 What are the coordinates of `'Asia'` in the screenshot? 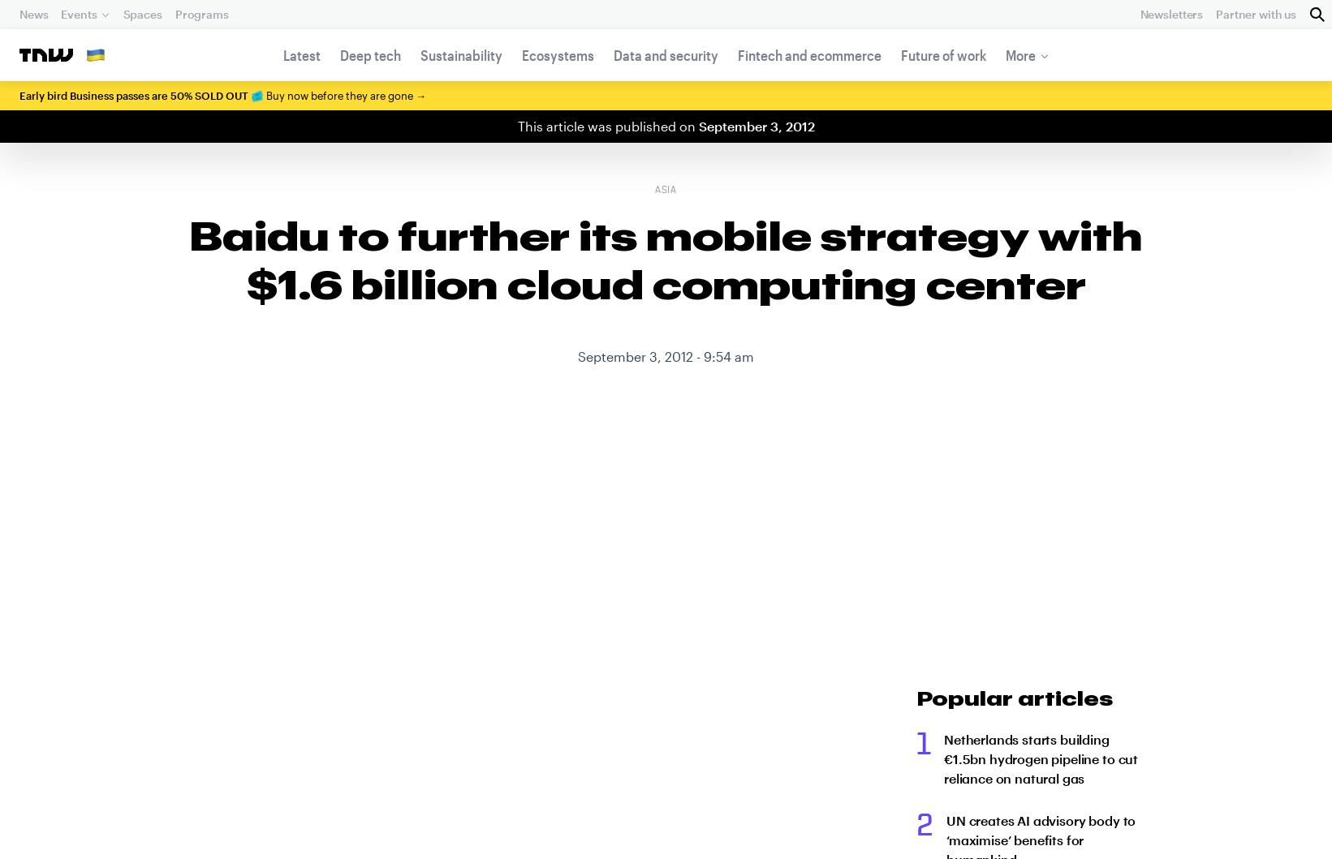 It's located at (654, 190).